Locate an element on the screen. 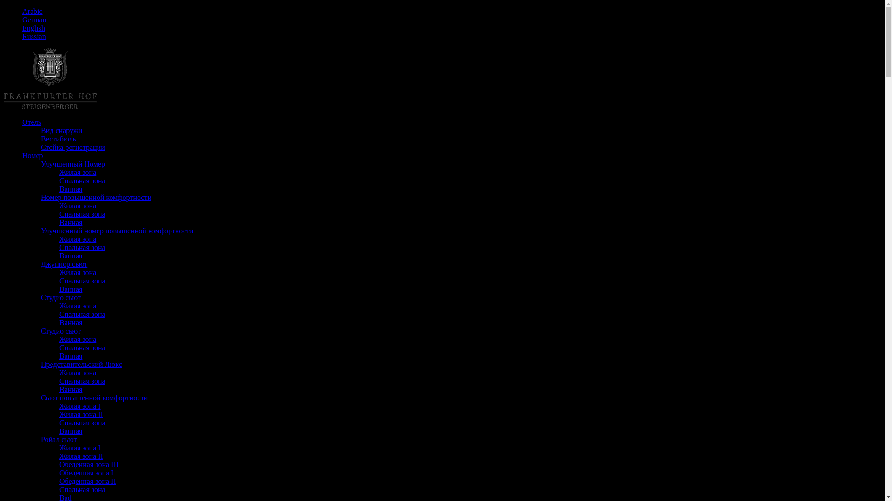 This screenshot has height=501, width=892. 'Russian' is located at coordinates (34, 36).